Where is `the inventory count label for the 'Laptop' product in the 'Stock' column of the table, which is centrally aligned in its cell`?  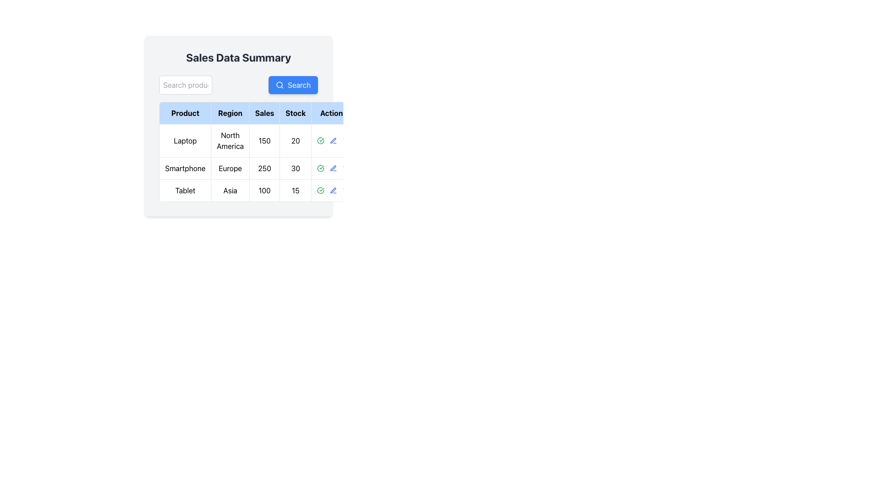
the inventory count label for the 'Laptop' product in the 'Stock' column of the table, which is centrally aligned in its cell is located at coordinates (295, 141).